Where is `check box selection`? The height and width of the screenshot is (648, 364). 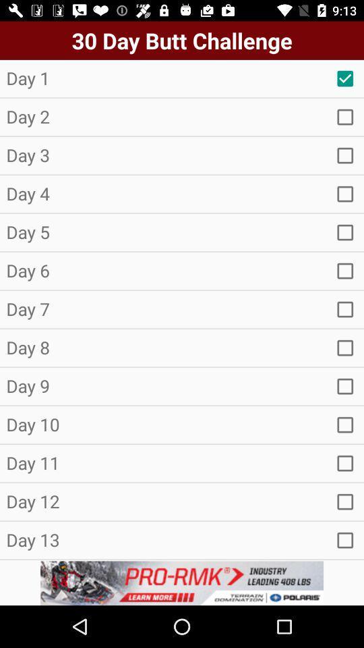 check box selection is located at coordinates (345, 347).